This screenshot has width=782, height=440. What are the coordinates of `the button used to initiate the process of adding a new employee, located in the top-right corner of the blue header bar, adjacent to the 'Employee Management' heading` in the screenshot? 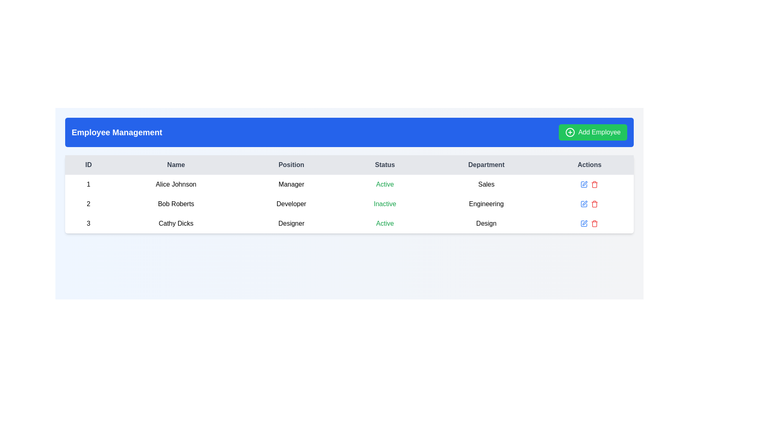 It's located at (593, 132).